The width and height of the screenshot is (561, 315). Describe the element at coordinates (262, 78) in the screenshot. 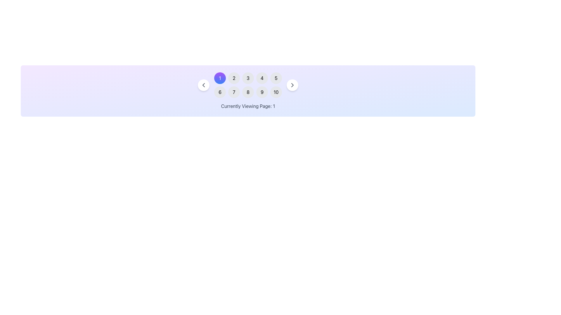

I see `the fourth navigation button in the grid to interact` at that location.